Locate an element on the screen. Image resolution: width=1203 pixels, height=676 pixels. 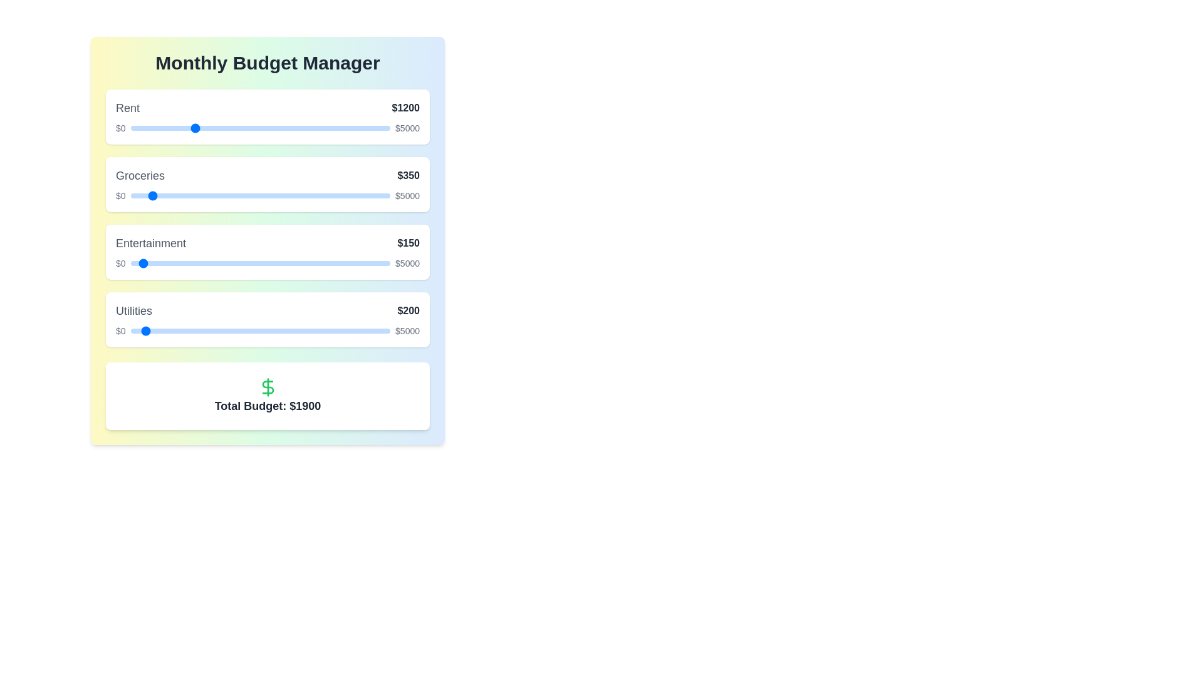
the value of the slider is located at coordinates (176, 262).